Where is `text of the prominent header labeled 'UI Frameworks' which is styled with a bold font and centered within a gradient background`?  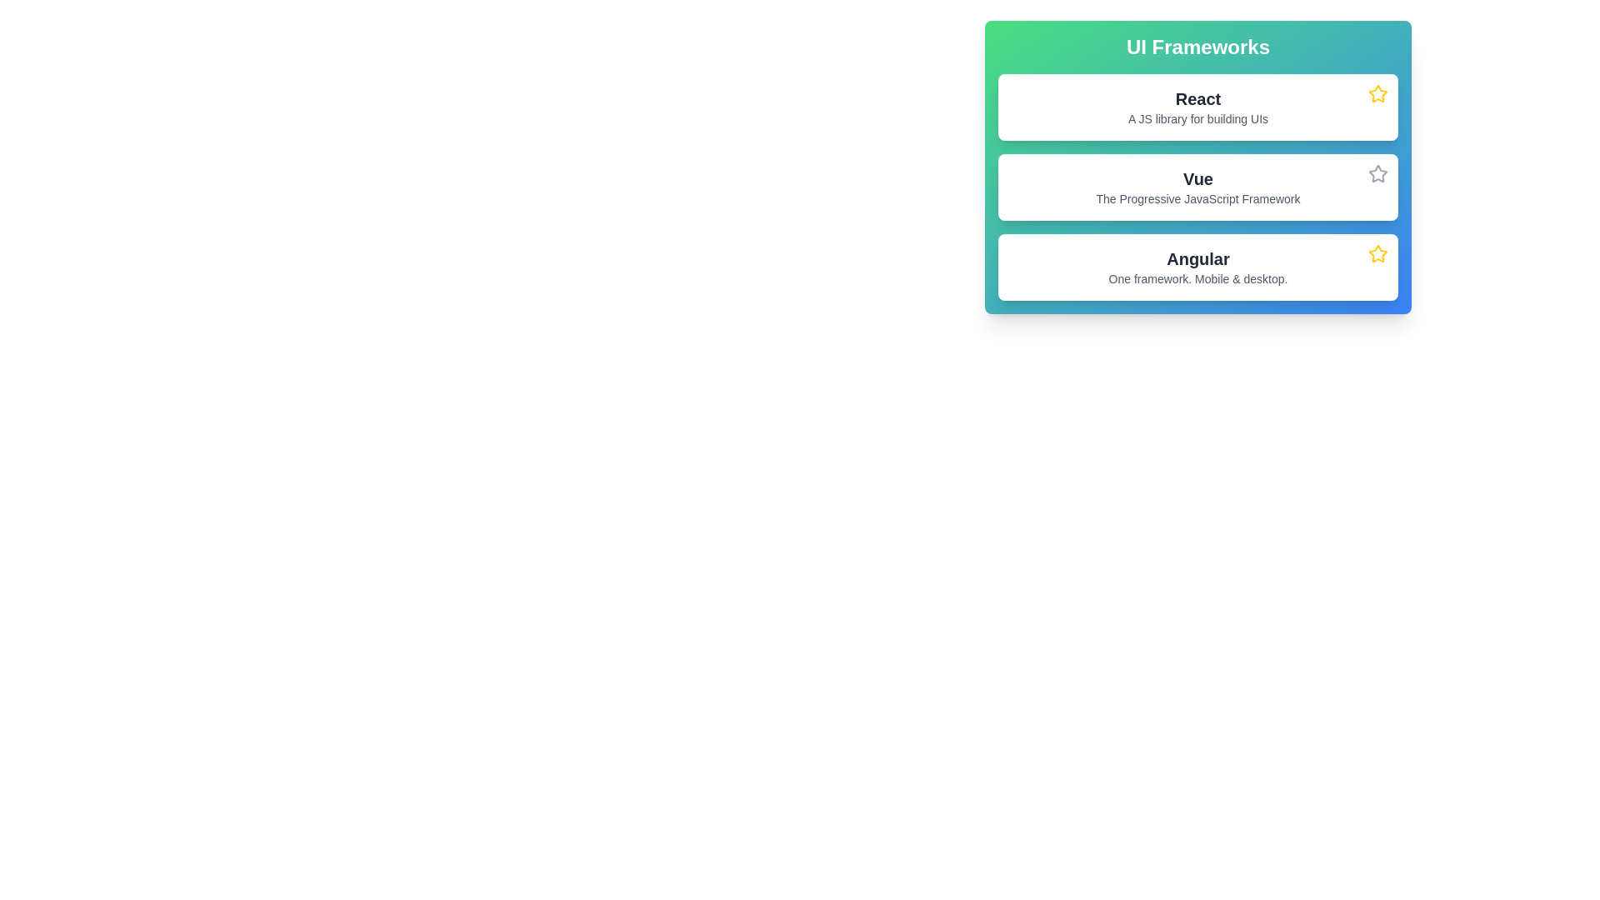 text of the prominent header labeled 'UI Frameworks' which is styled with a bold font and centered within a gradient background is located at coordinates (1197, 47).